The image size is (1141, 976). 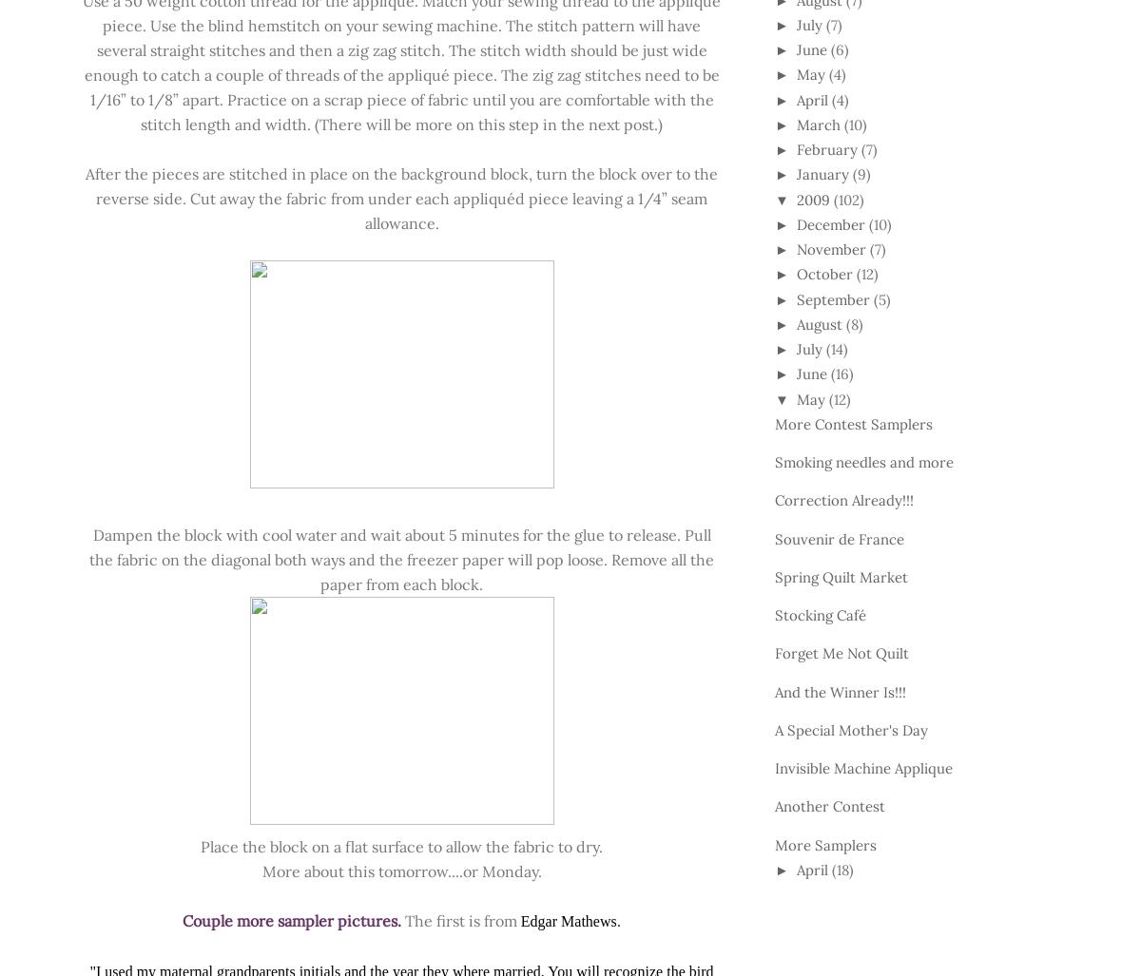 I want to click on 'Forget Me Not Quilt', so click(x=841, y=653).